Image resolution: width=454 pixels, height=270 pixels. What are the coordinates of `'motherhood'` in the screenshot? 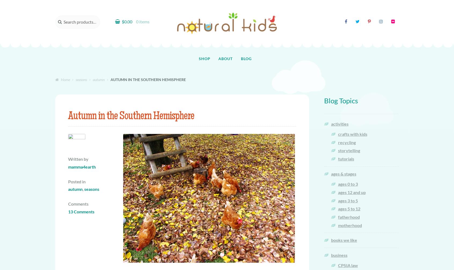 It's located at (349, 225).